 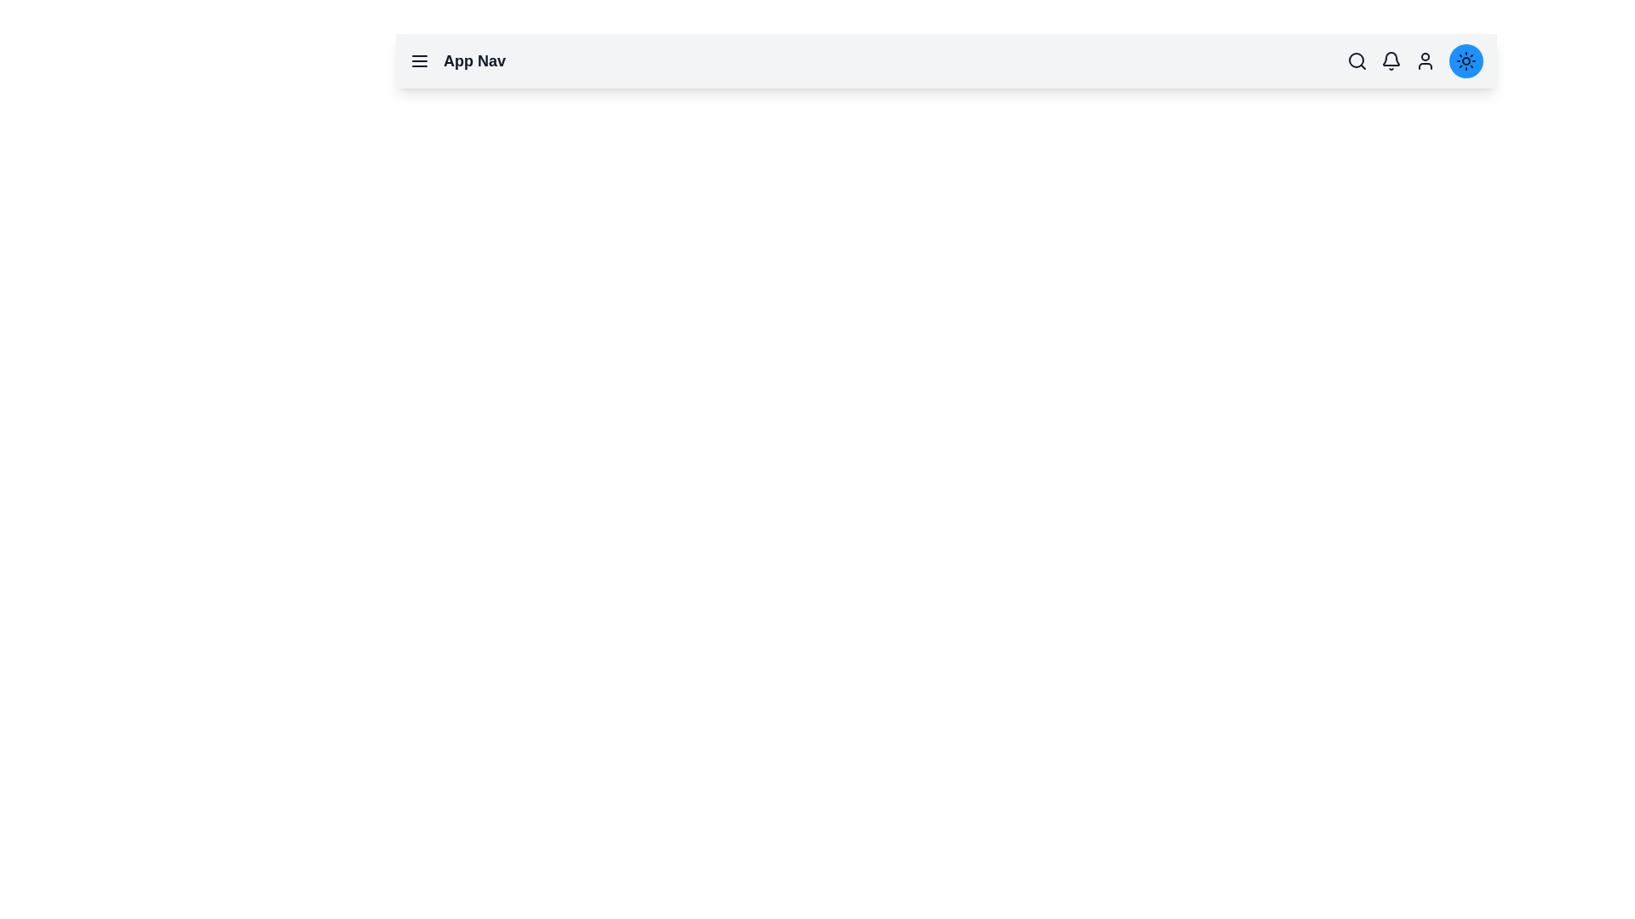 I want to click on the bell icon to view notifications, so click(x=1391, y=60).